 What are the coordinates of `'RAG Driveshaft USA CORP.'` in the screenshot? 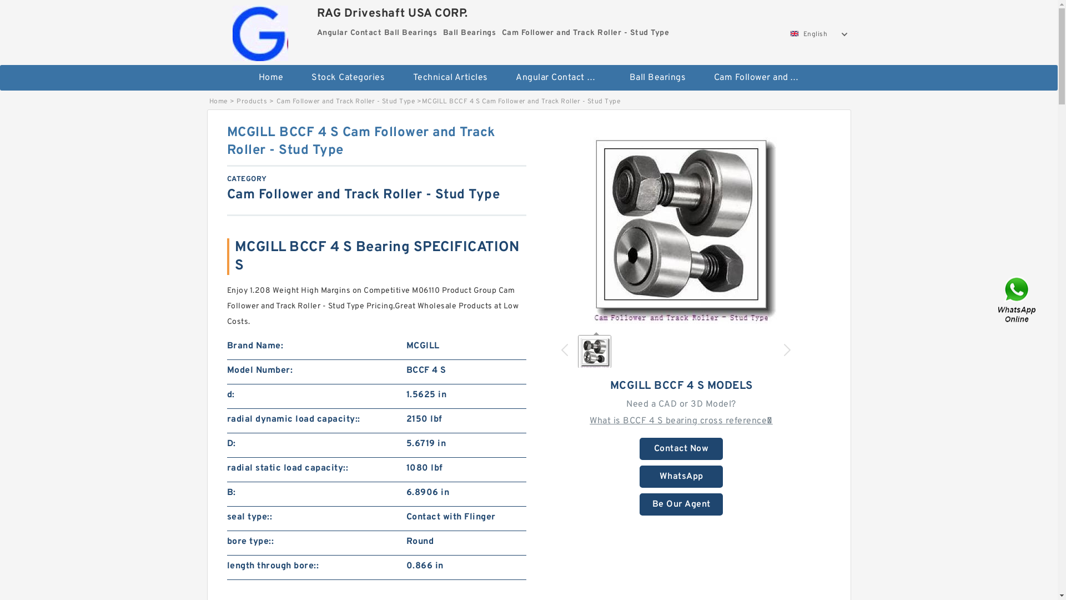 It's located at (260, 29).